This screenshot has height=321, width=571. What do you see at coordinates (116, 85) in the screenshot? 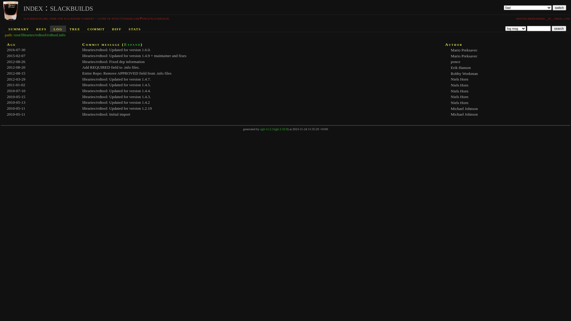
I see `'libraries/rrdtool: Updated for version 1.4.5.'` at bounding box center [116, 85].